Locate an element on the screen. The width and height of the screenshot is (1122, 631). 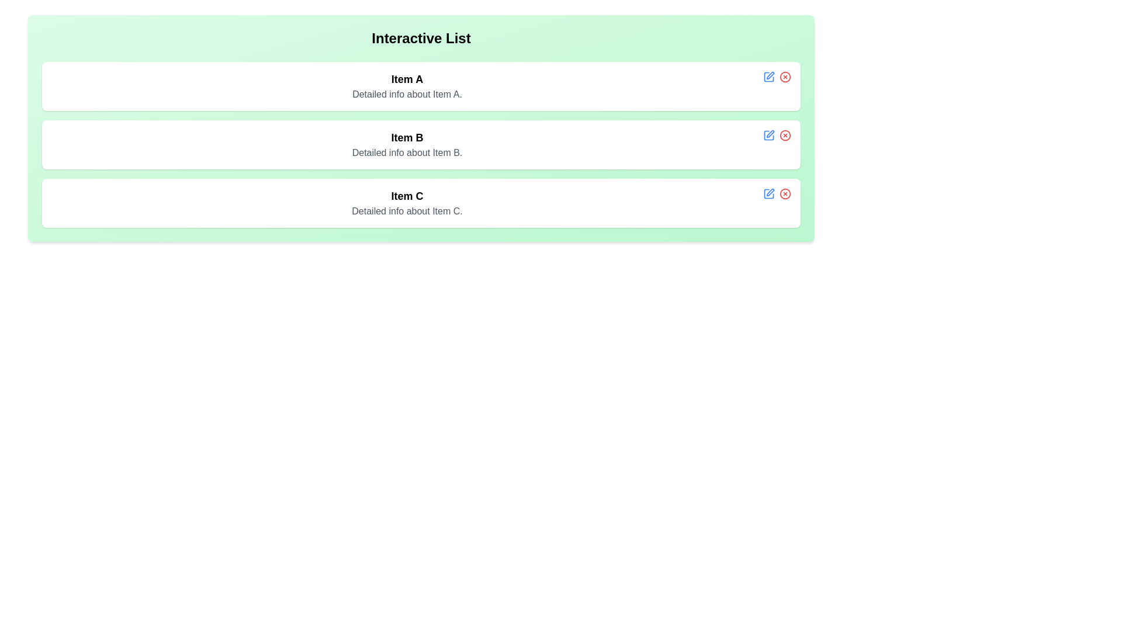
the edit button located at the bottom-right corner of the last entry in the vertical list is located at coordinates (768, 193).